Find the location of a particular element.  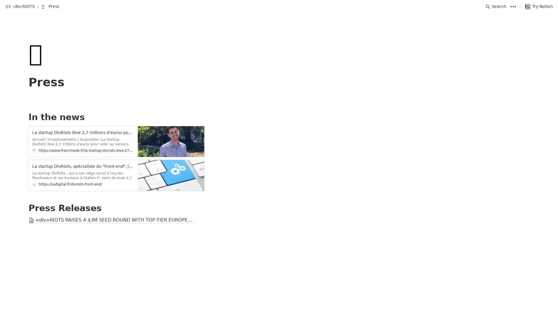

La startup DivRiots leve 2,7 millions d'euros pour voler au secours des developpeurs front-end - FrenchWeb.fr Accueil / Investissements / Acquisition /La startup DivRiots leve 2,7 millions d'euros pour voler au secours des developpeurs front-end Avec notre partenaire Junto, specialiste de la performance media, decouvrez l'actualite des levees de fonds Dans le monde du developpement web, la communaute se divise en deux camps : le back-end et le front-end. https://www.frenchweb.fr/la-startup-divriots-leve-27-millions-deuros-pour-voler-au-secours-des-developpeurs-front-end/423261?utm_source=feedburner&utm_medium=feed&utm_campaign=Feed%3A+frenchweb+%28FrenchWeb.fr%29 is located at coordinates (279, 141).